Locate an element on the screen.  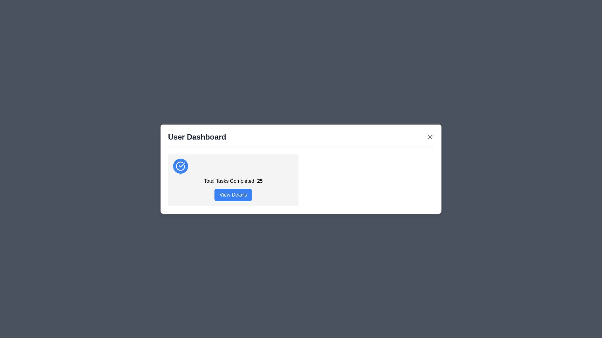
the button located at the lower center of the light gray card, which provides more detailed information about tasks completed is located at coordinates (233, 194).